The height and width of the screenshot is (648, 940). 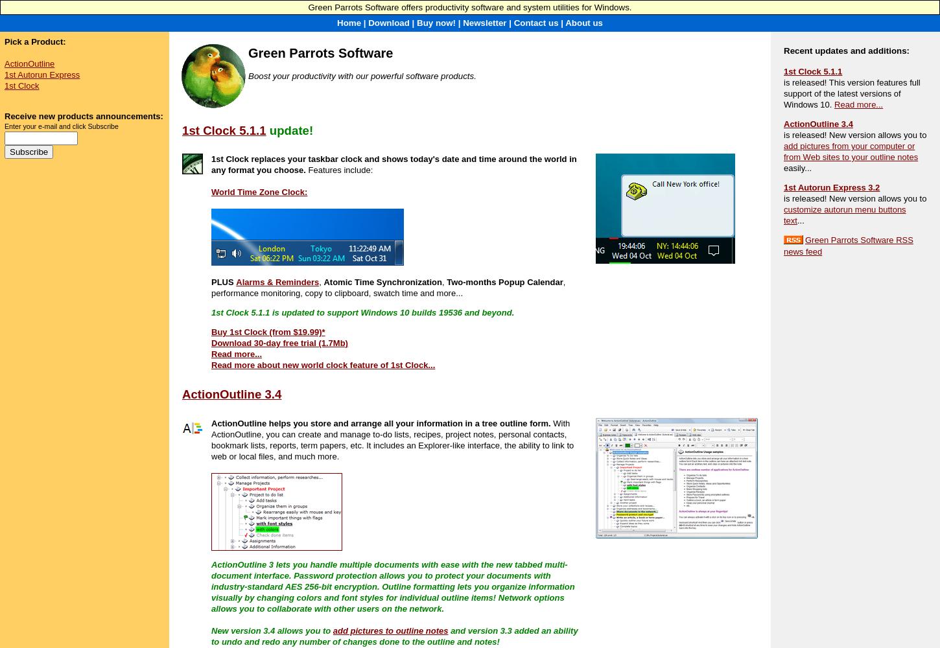 I want to click on 'is released!
                        This version features full support of the latest versions of Windows 10.', so click(x=851, y=93).